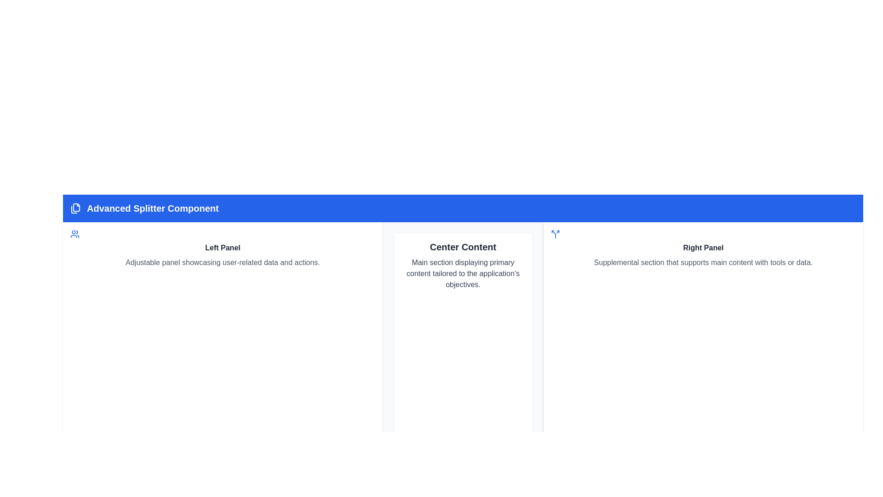  What do you see at coordinates (703, 248) in the screenshot?
I see `the 'Right Panel' Label or Heading which displays the text in bold dark gray font, located in the rightmost third of the interface` at bounding box center [703, 248].